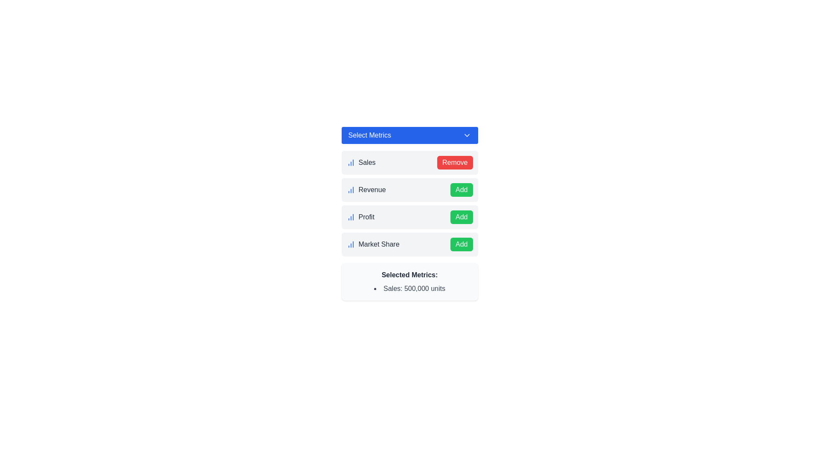 The height and width of the screenshot is (460, 819). I want to click on the 'remove Sales' button located on the right side of the list item next to the text 'Sales', so click(454, 162).